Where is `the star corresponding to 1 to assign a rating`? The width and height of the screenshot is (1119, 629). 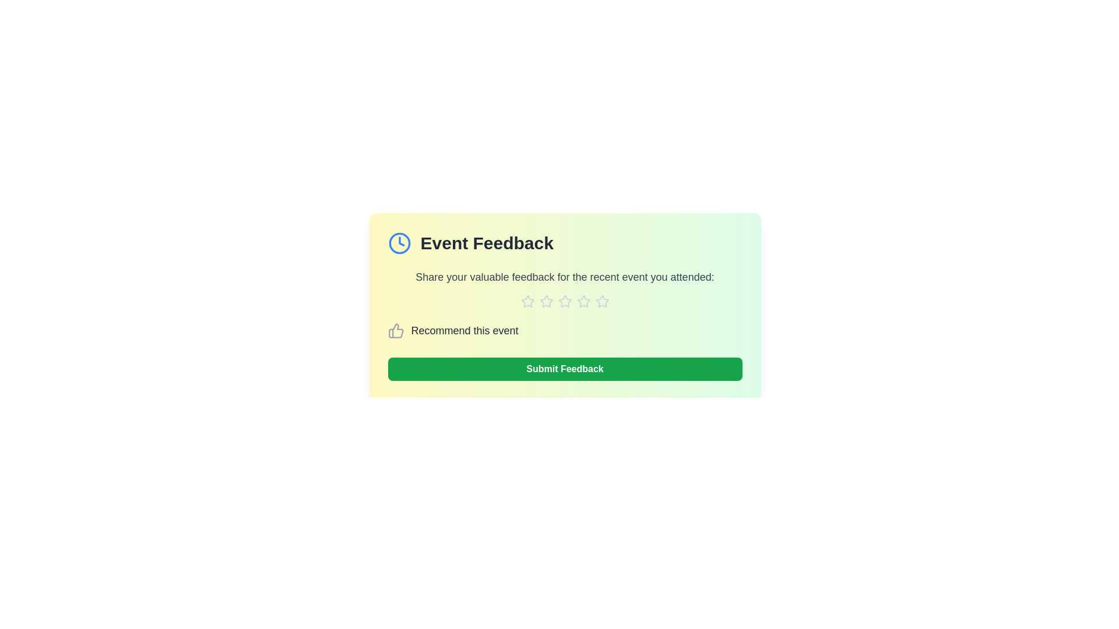
the star corresponding to 1 to assign a rating is located at coordinates (527, 301).